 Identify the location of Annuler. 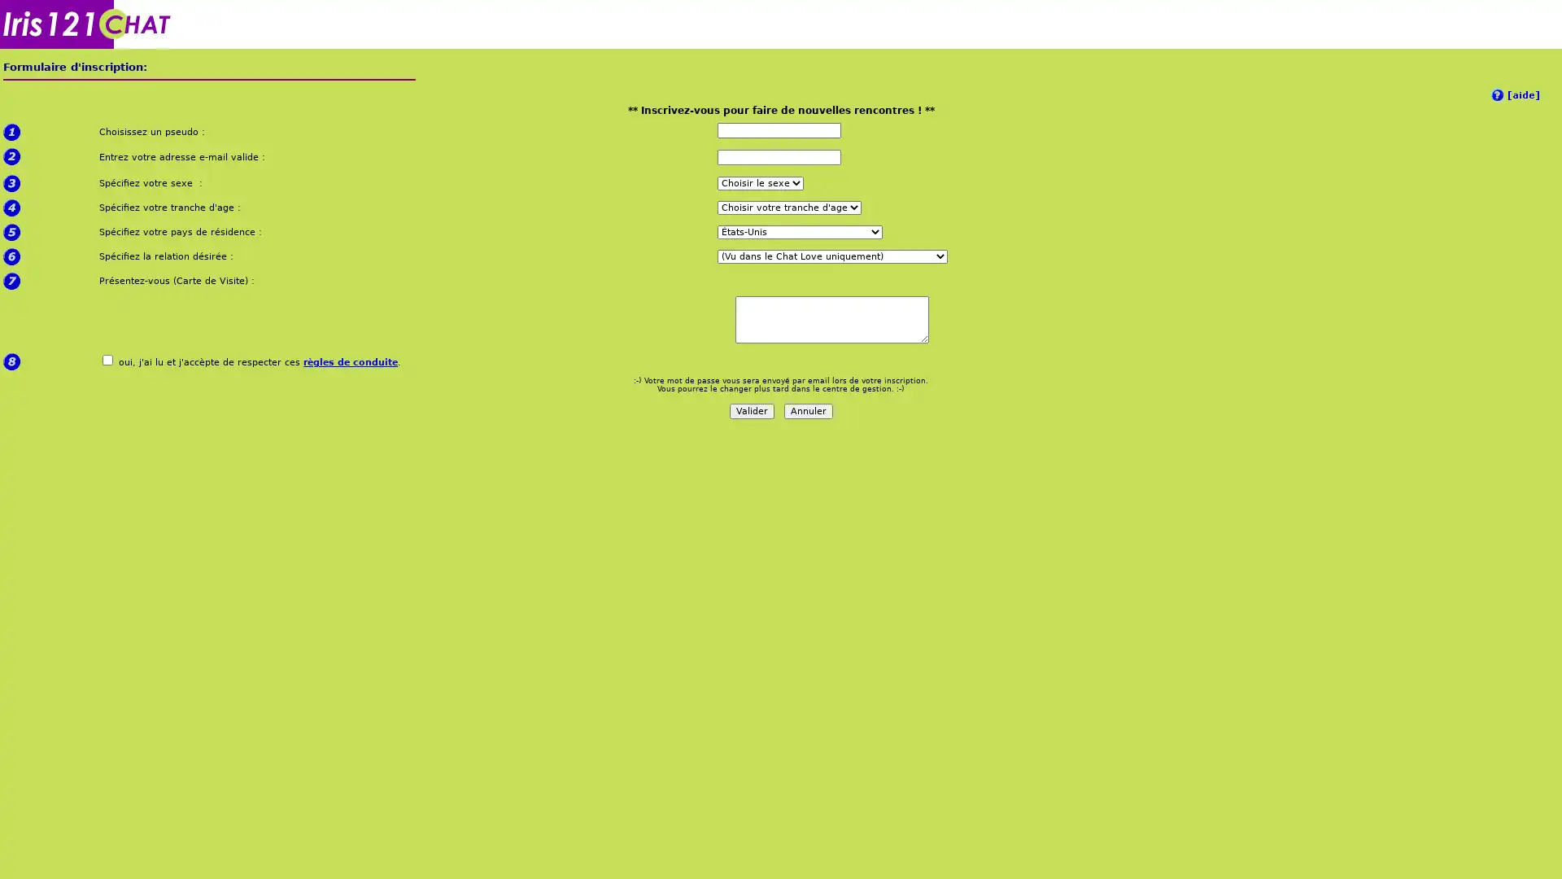
(808, 410).